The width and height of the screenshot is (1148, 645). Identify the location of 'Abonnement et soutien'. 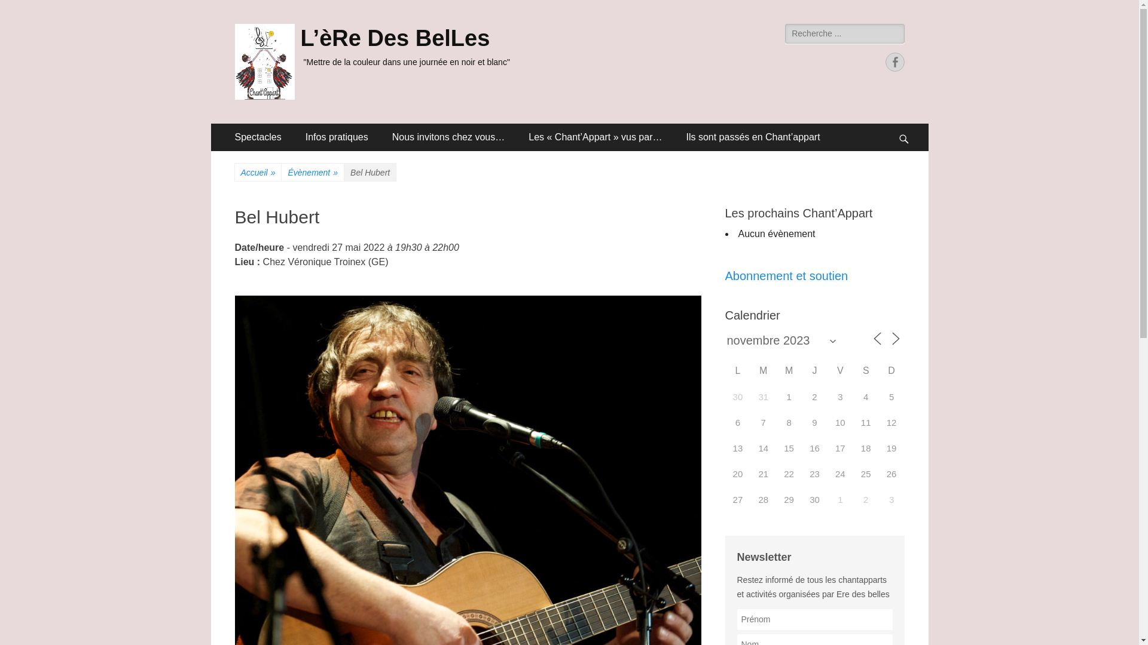
(786, 276).